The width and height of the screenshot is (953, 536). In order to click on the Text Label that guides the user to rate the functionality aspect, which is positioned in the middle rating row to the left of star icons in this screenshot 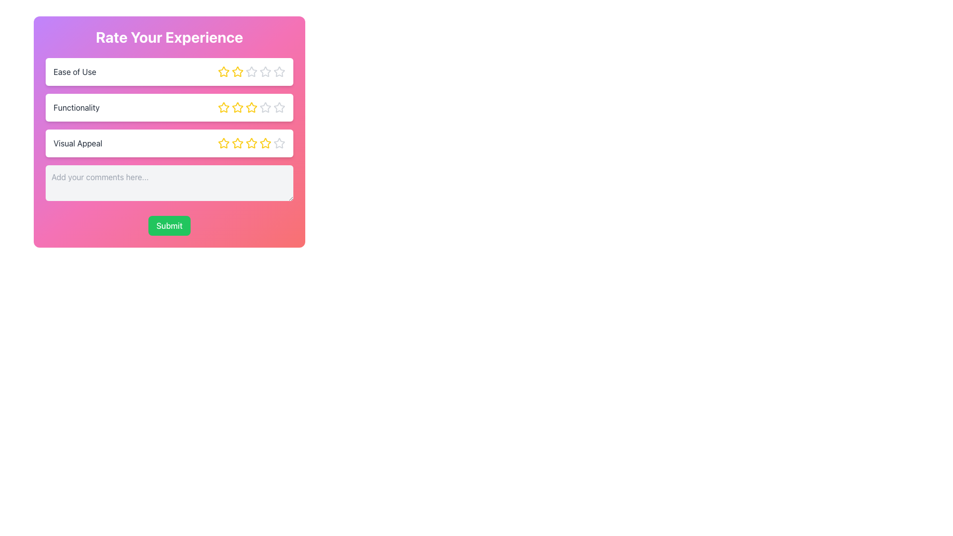, I will do `click(76, 107)`.